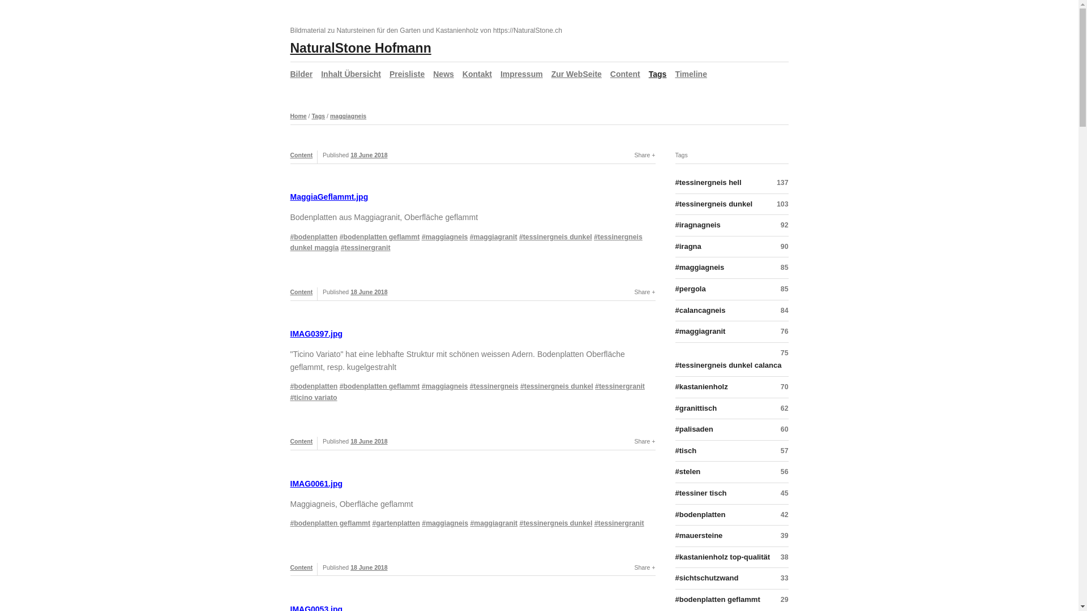  I want to click on 'maggiagranit', so click(494, 236).